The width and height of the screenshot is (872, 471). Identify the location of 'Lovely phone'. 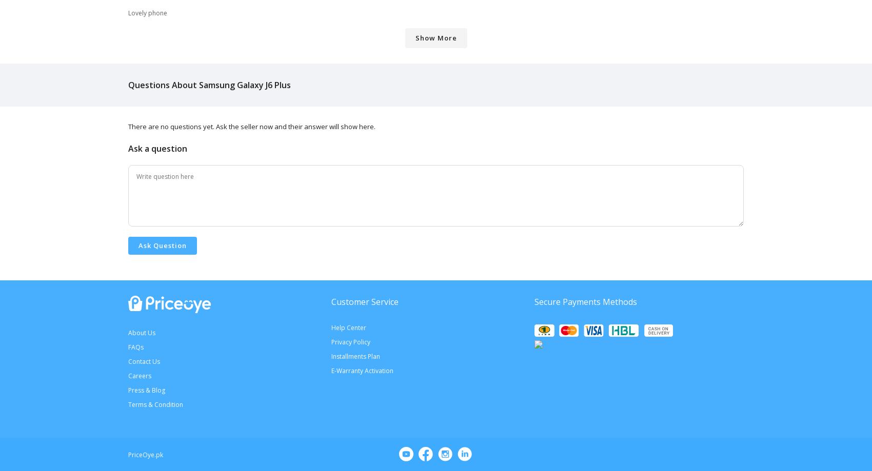
(128, 12).